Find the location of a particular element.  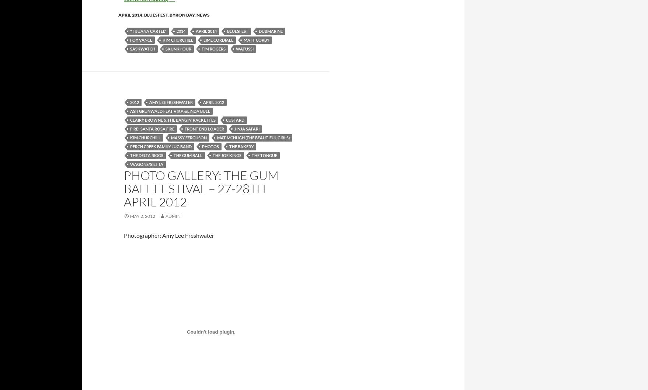

'2012' is located at coordinates (134, 101).